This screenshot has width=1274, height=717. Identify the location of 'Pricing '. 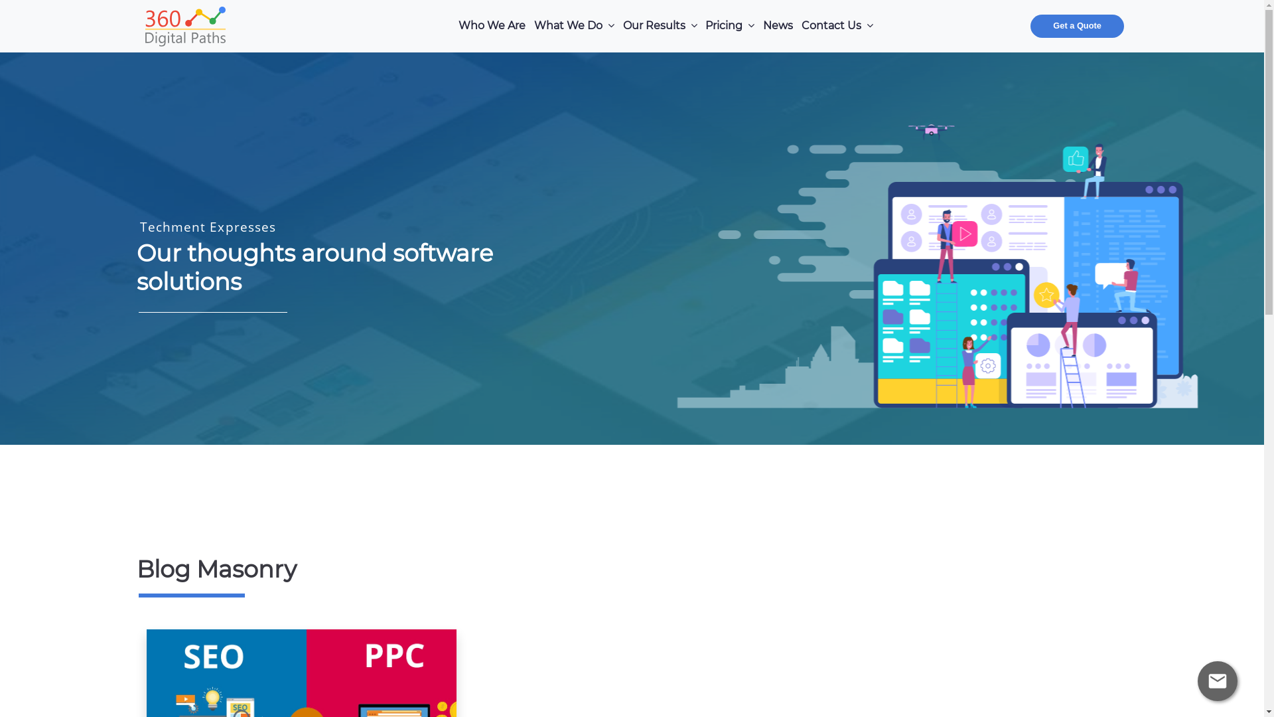
(729, 26).